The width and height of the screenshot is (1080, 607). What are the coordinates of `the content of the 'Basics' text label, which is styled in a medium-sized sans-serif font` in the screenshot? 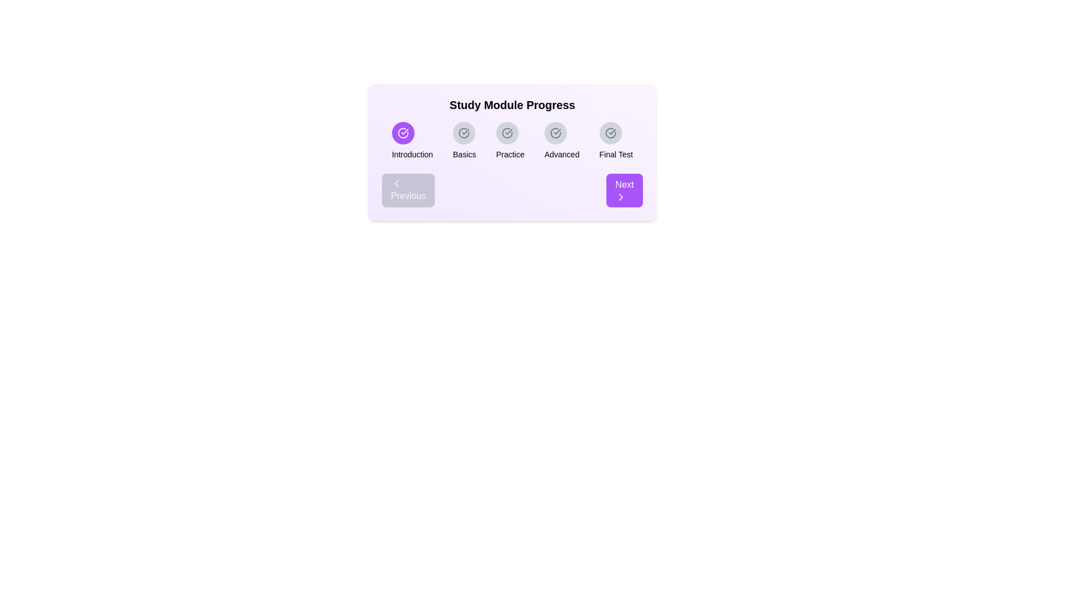 It's located at (464, 154).